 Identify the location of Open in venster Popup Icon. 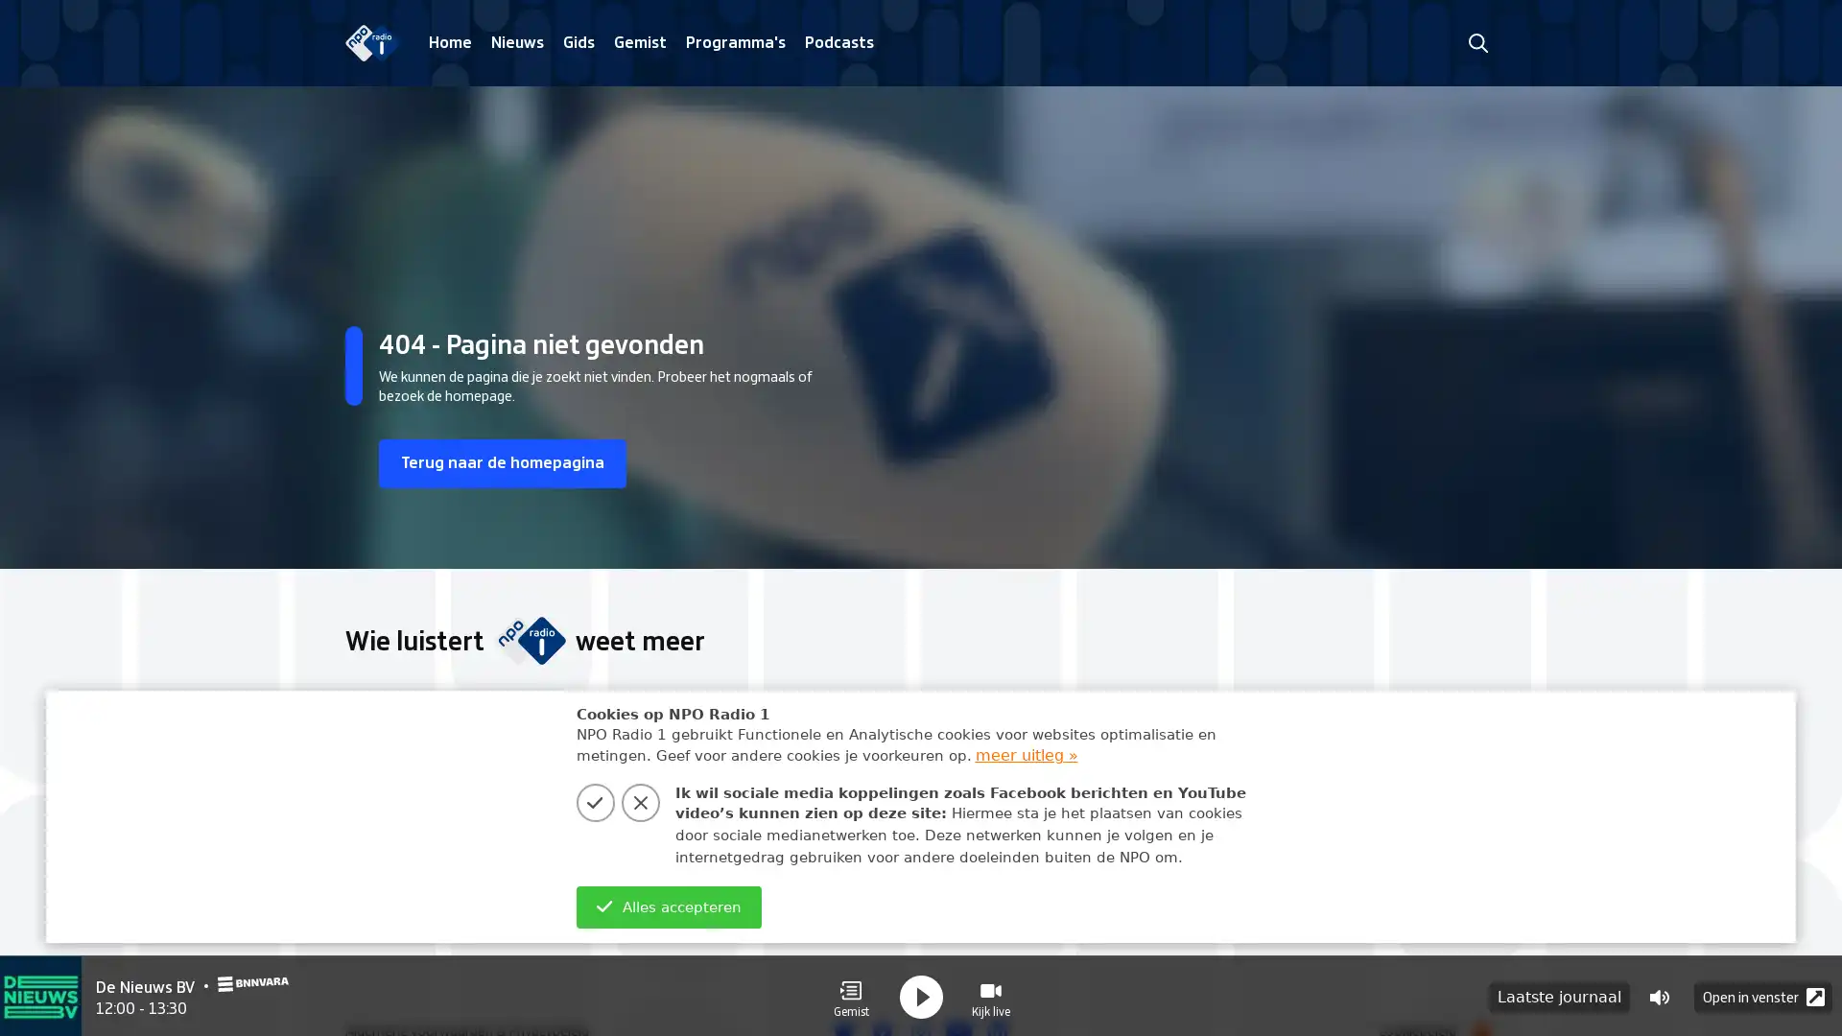
(1763, 994).